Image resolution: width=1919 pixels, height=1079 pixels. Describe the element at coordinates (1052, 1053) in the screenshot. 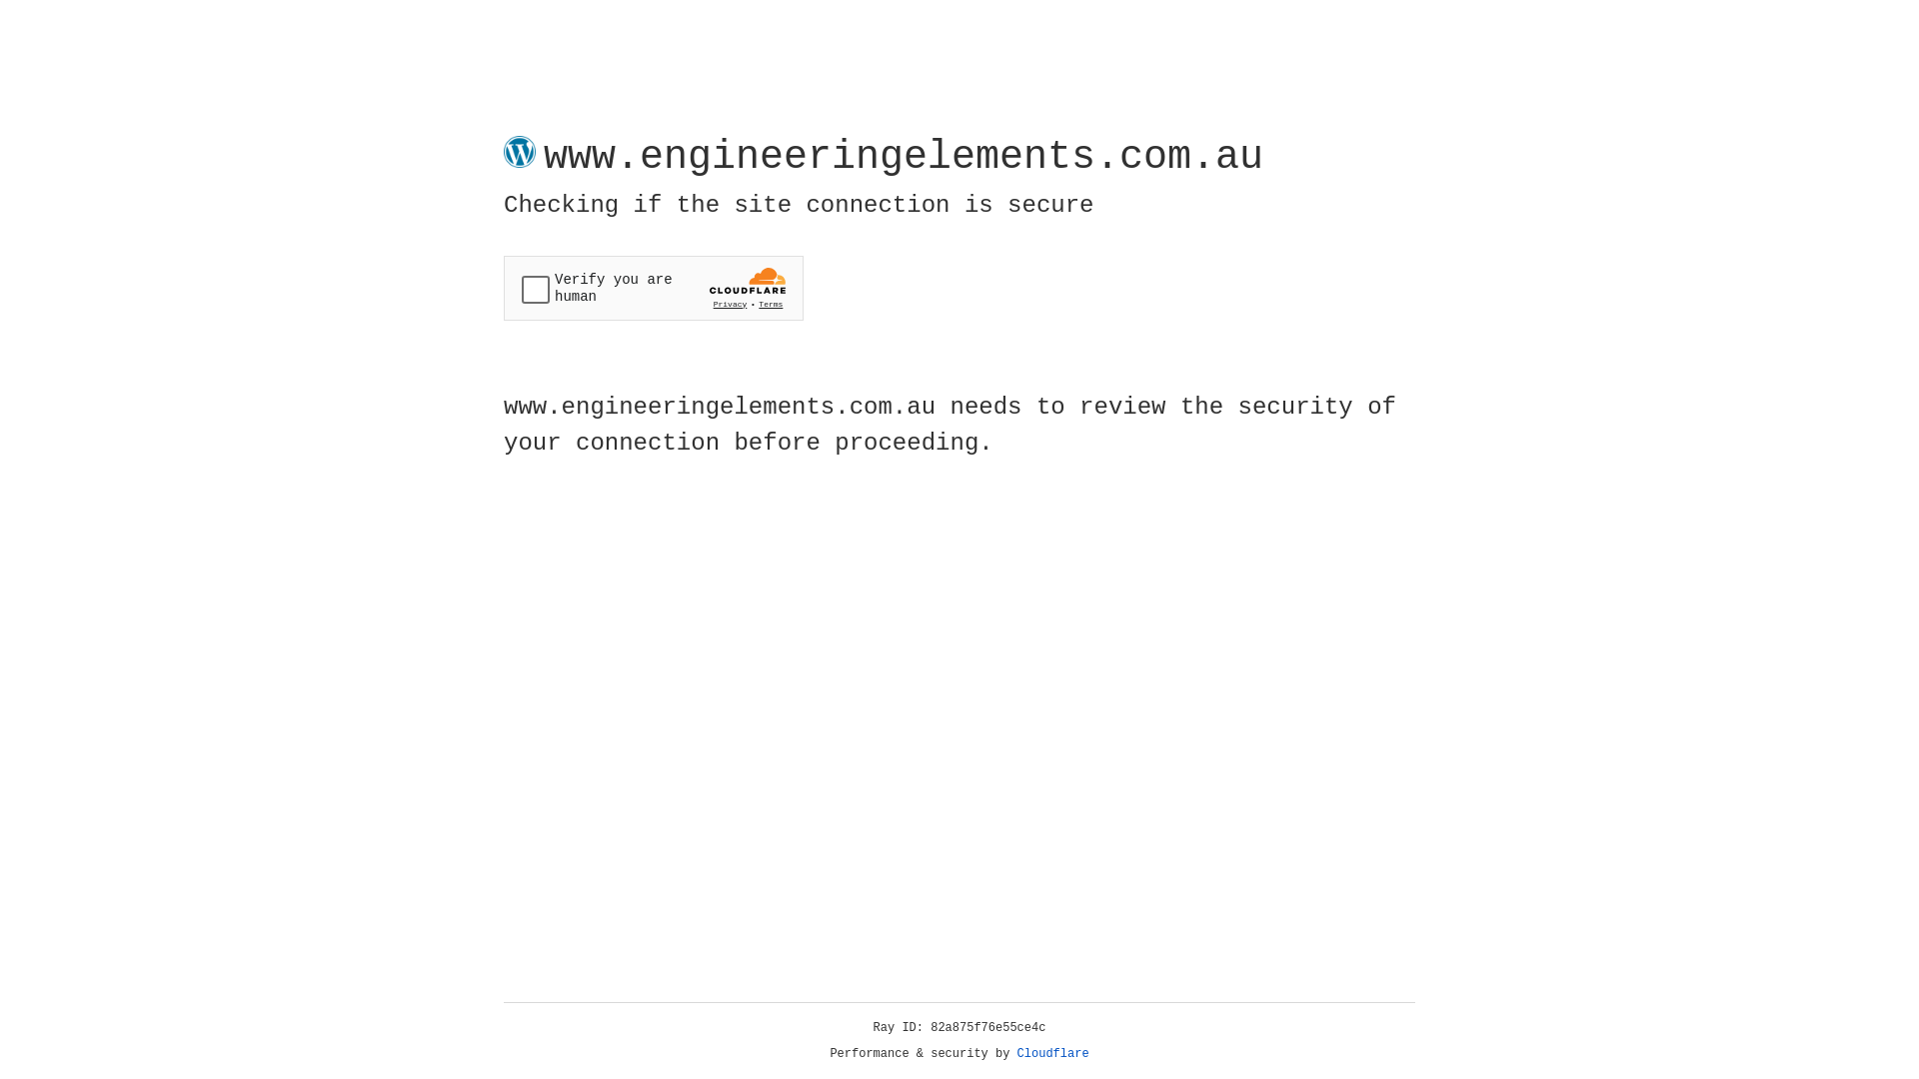

I see `'Cloudflare'` at that location.